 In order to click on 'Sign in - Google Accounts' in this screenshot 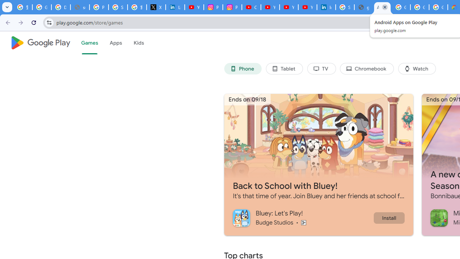, I will do `click(118, 7)`.